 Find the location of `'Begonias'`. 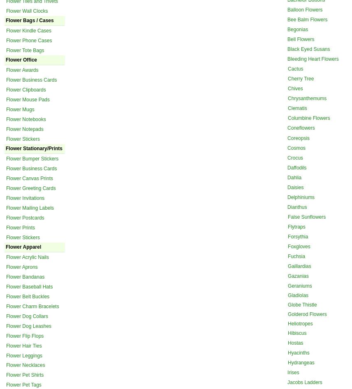

'Begonias' is located at coordinates (298, 29).